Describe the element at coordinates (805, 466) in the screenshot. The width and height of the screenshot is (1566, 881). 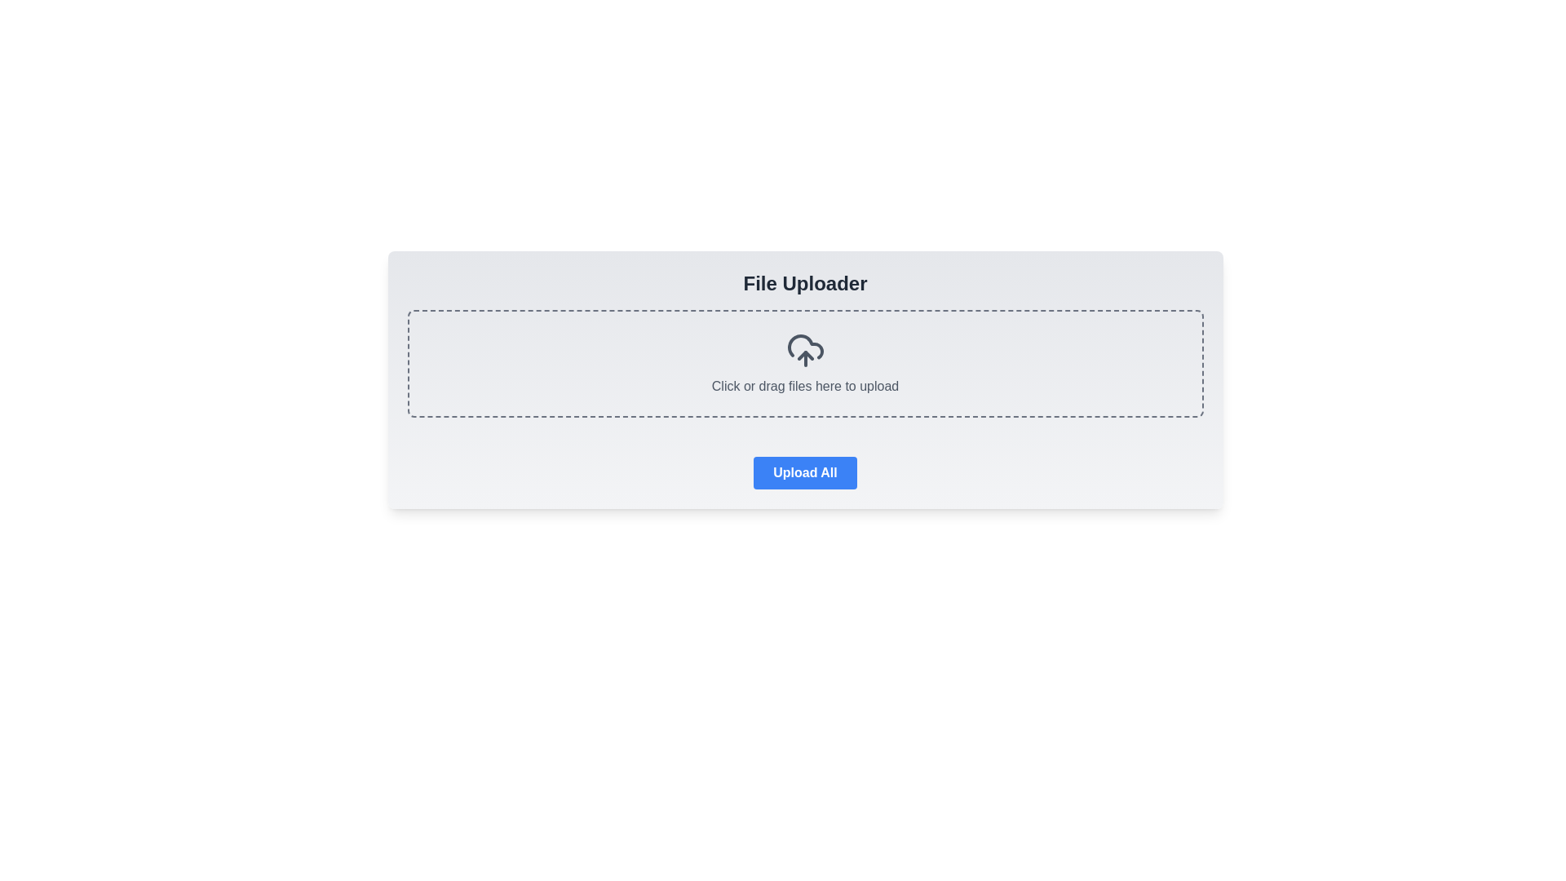
I see `the blue rectangular button labeled 'Upload All'` at that location.